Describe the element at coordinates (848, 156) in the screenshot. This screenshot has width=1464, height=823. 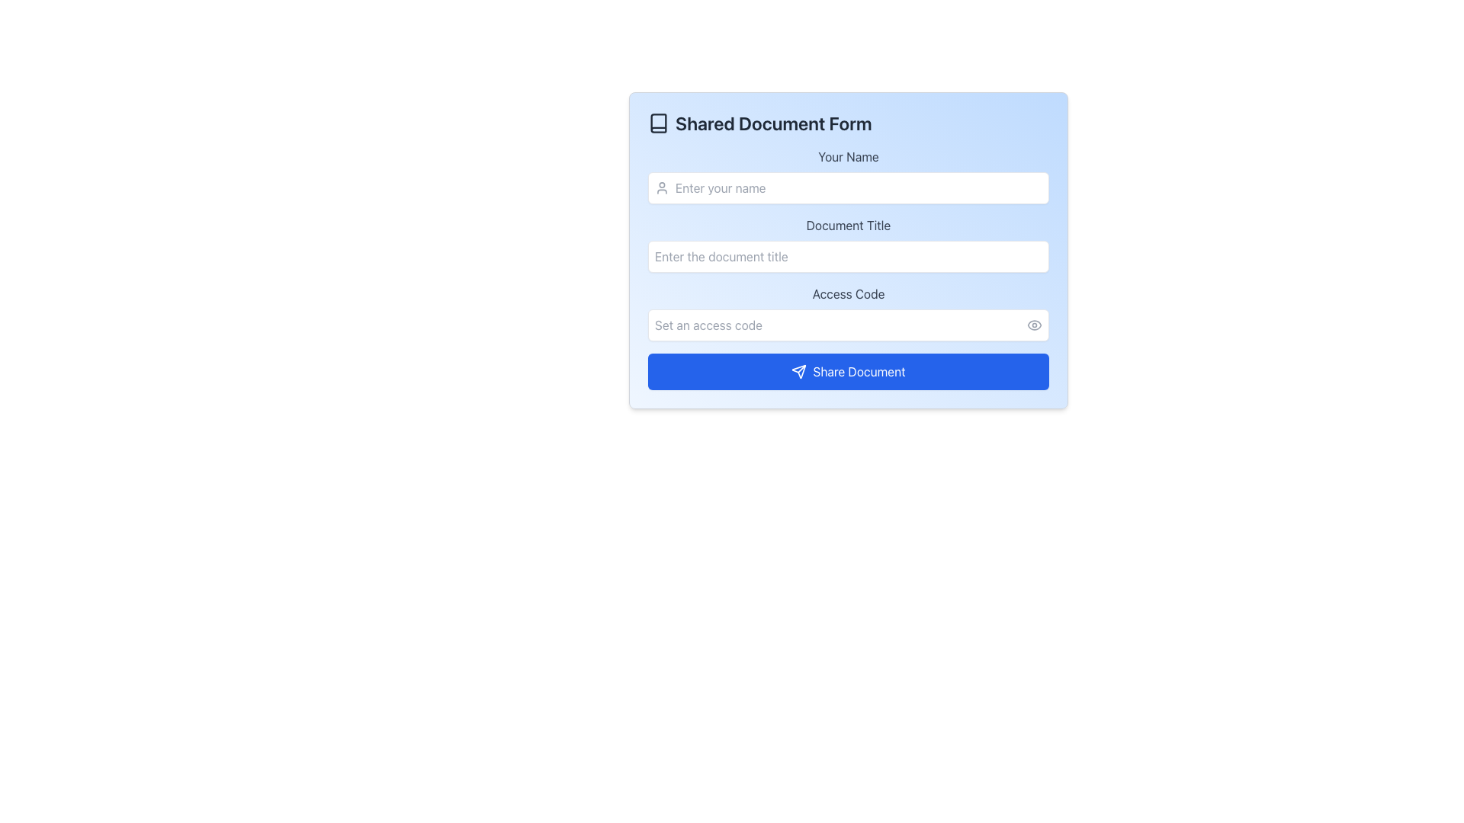
I see `the 'Your Name' label element, which is displayed in gray color and is located at the top of a form within a blue background section, directly above an input field` at that location.